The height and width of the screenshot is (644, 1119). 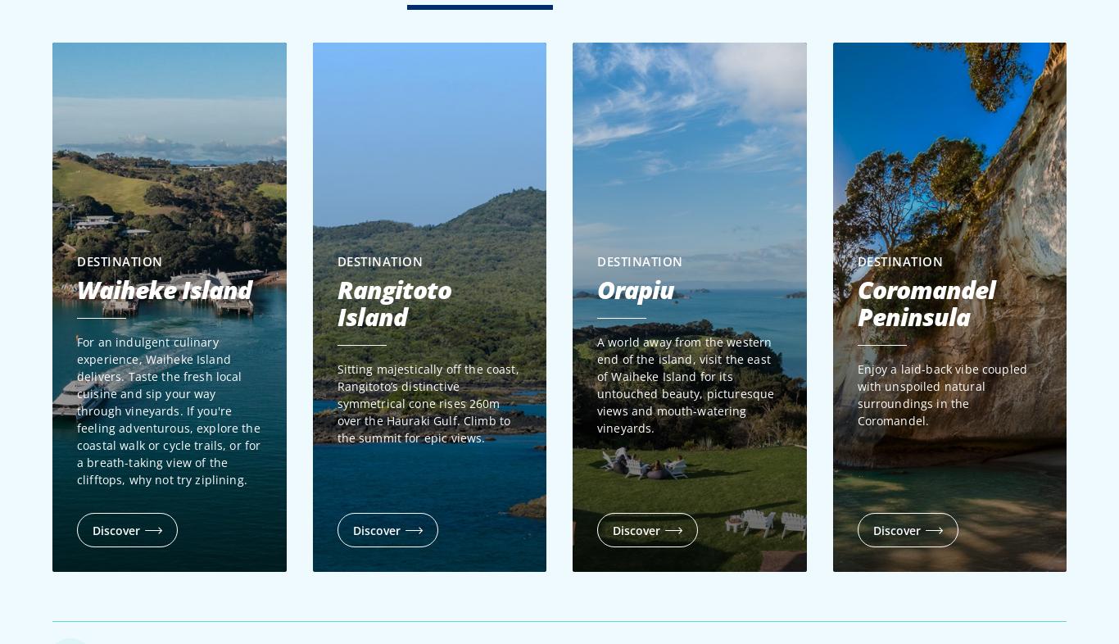 What do you see at coordinates (163, 289) in the screenshot?
I see `'Waiheke Island'` at bounding box center [163, 289].